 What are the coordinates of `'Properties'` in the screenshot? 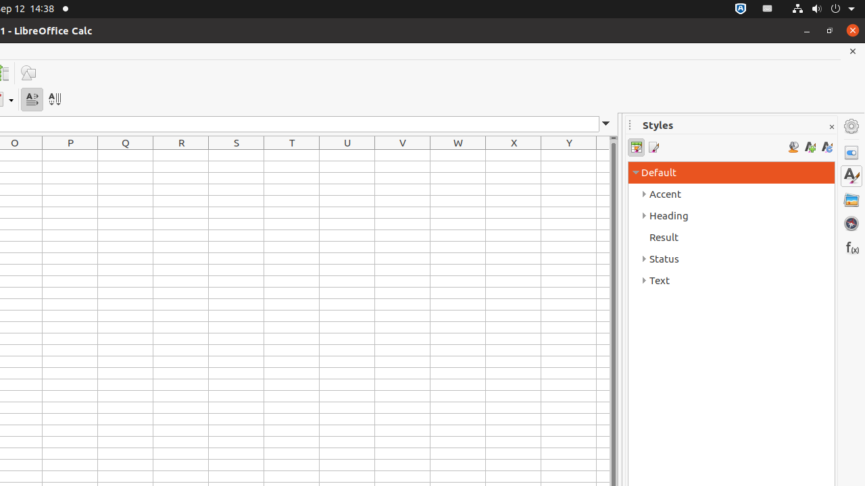 It's located at (851, 152).